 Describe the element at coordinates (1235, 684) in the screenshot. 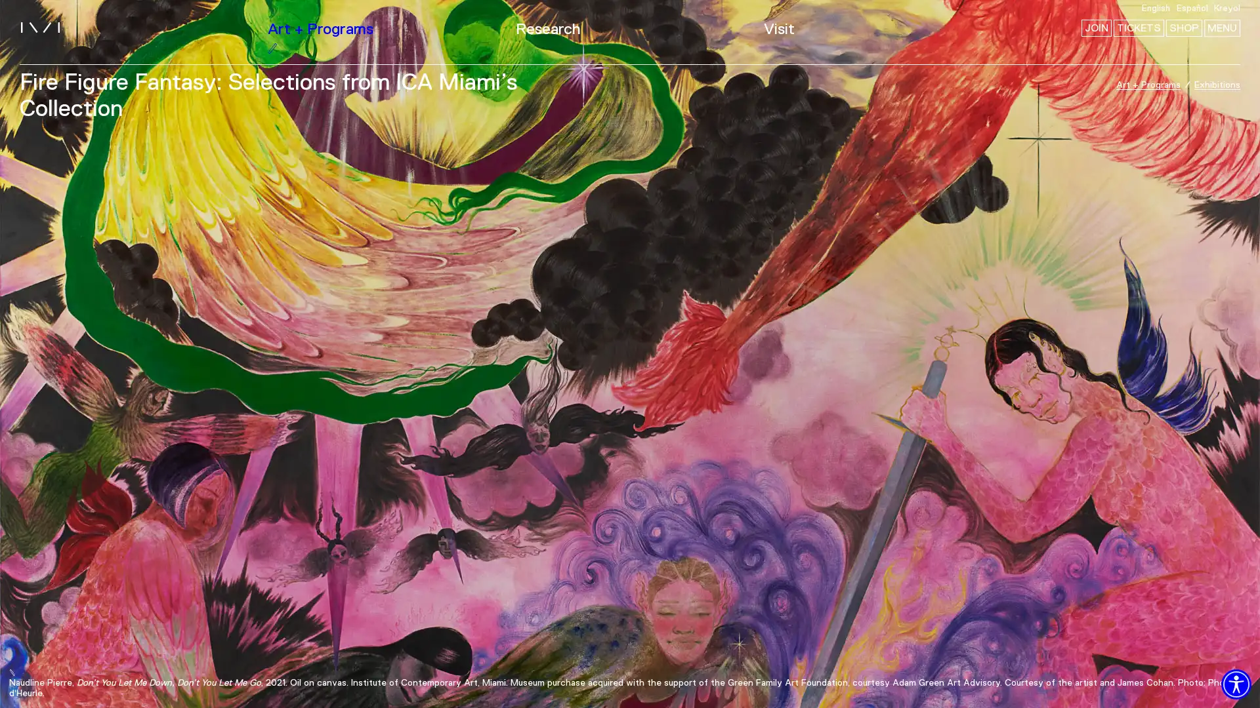

I see `Accessibility Menu` at that location.